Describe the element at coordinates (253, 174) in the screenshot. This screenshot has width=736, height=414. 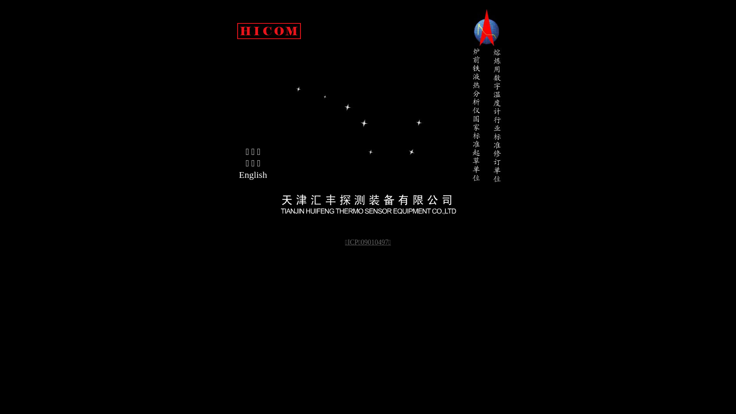
I see `'English'` at that location.